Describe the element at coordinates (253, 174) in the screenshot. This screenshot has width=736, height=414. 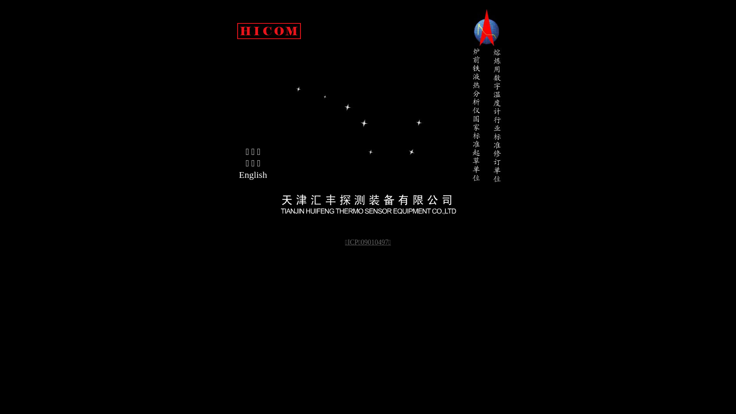
I see `'English'` at that location.